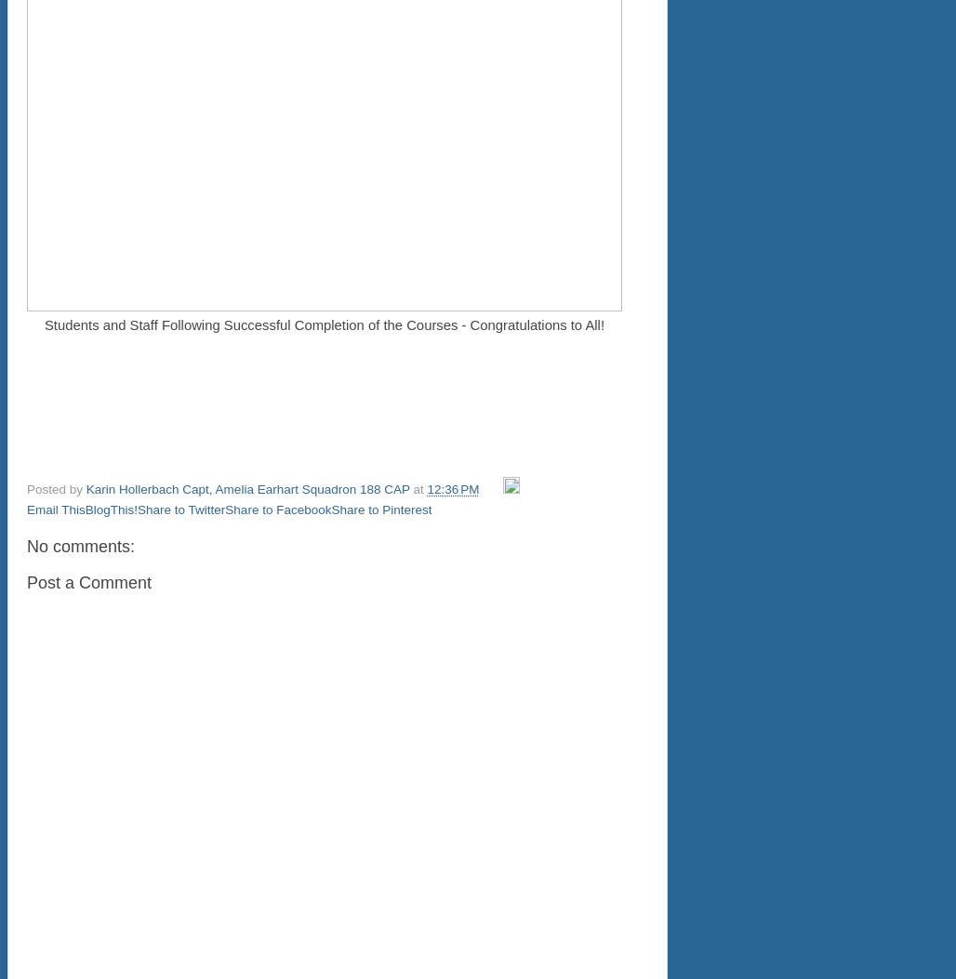 The image size is (956, 979). I want to click on 'Share to Twitter', so click(180, 509).